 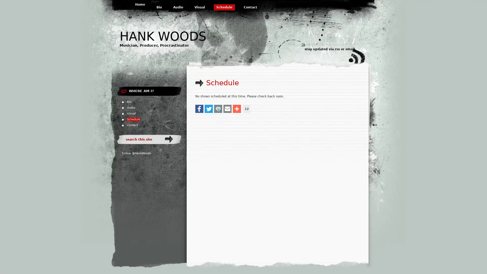 I want to click on Share to Facebook, so click(x=199, y=108).